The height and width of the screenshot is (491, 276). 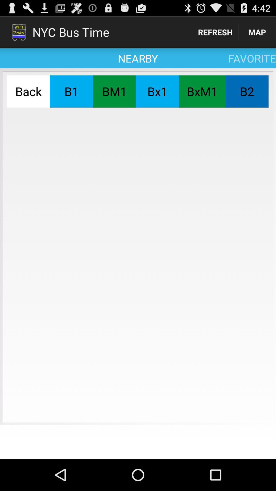 What do you see at coordinates (71, 91) in the screenshot?
I see `b1 icon` at bounding box center [71, 91].